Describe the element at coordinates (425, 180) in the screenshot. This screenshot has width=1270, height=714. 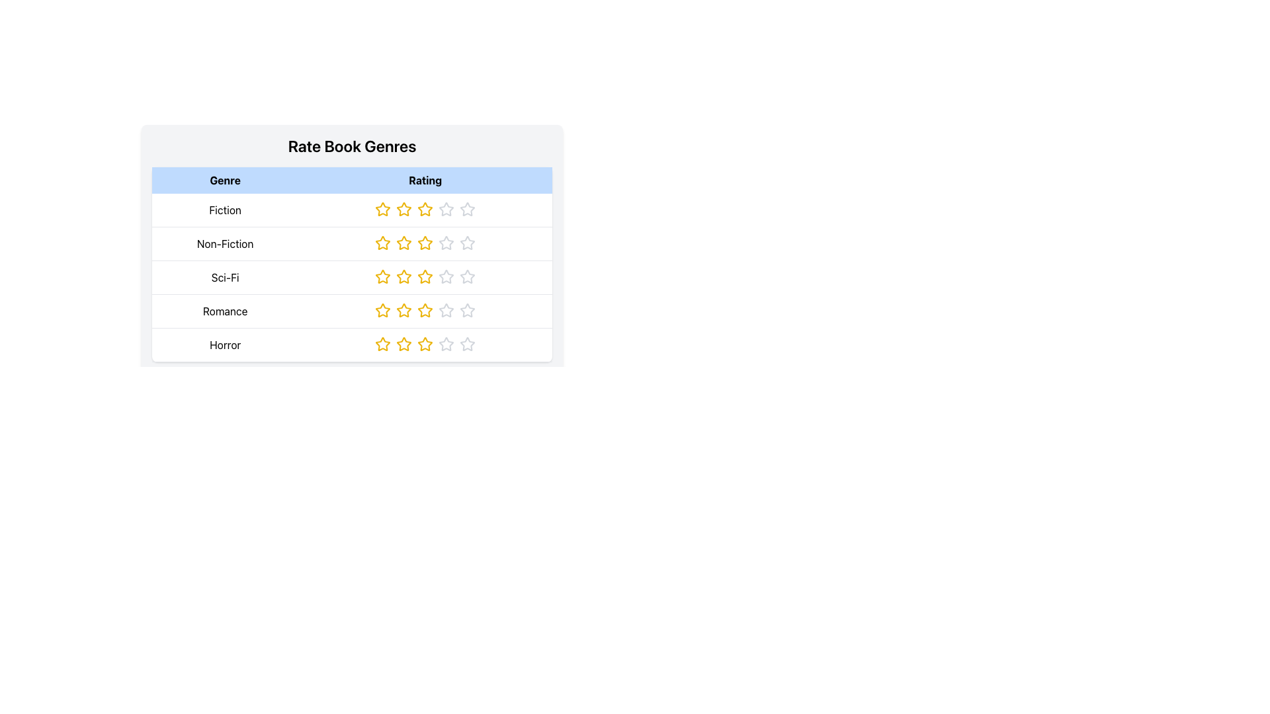
I see `the Text Label that serves as the header for the user ratings column, located to the immediate right of the 'Genre' label in the top row of the table-like interface` at that location.